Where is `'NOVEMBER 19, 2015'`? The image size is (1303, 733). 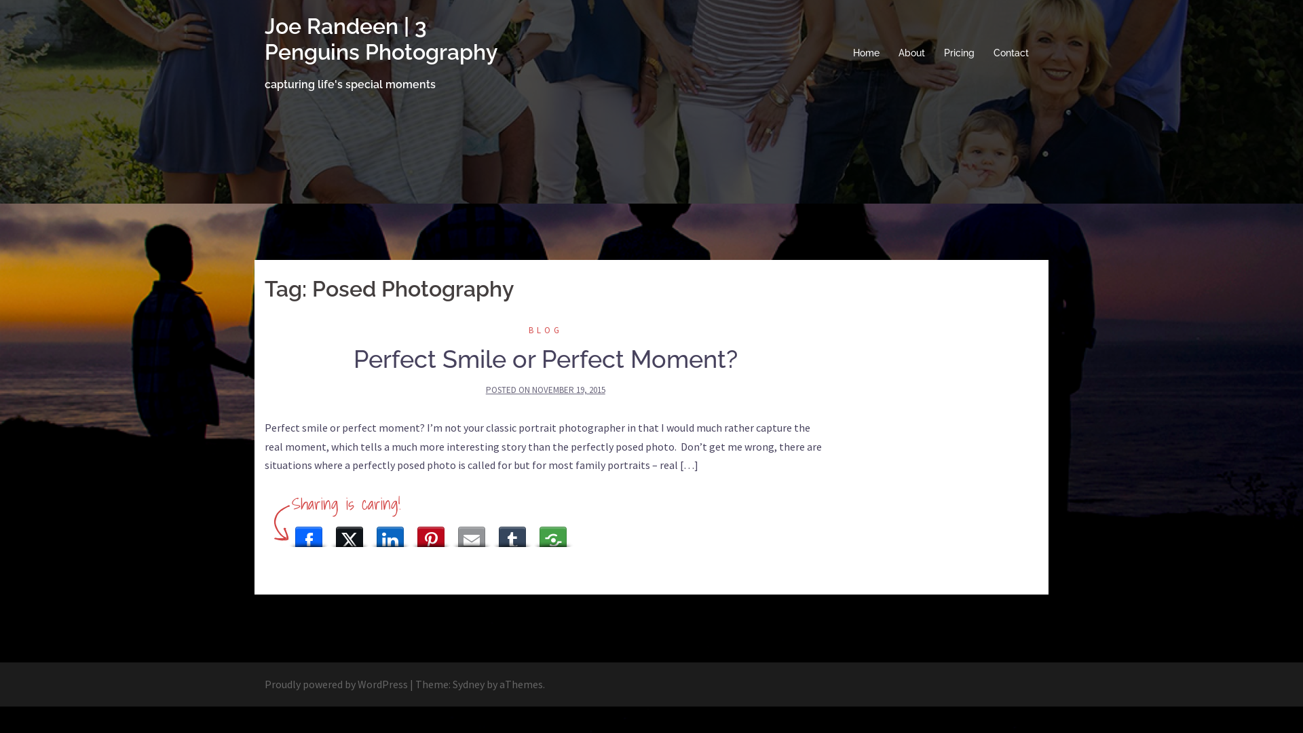
'NOVEMBER 19, 2015' is located at coordinates (569, 390).